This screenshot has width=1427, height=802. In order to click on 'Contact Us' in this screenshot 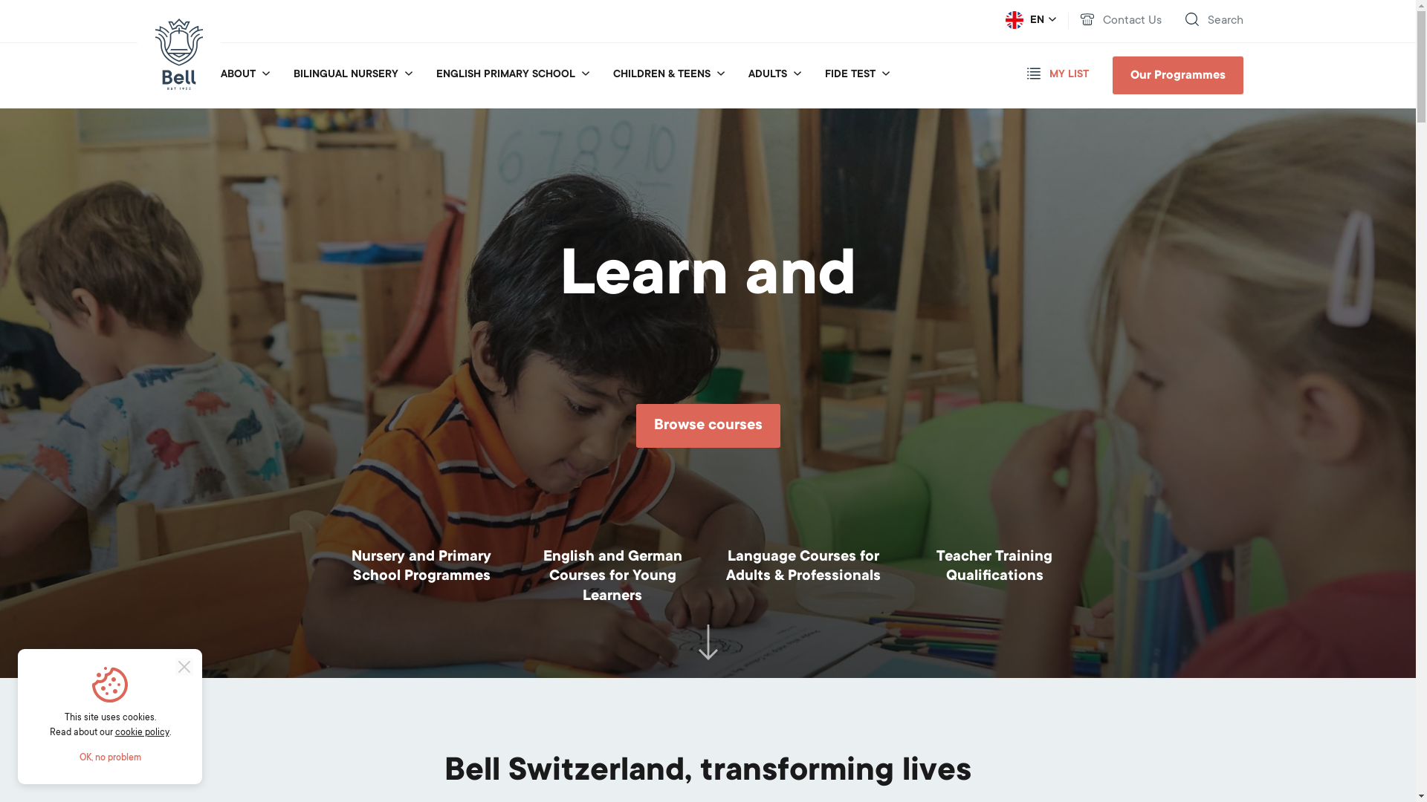, I will do `click(1121, 21)`.